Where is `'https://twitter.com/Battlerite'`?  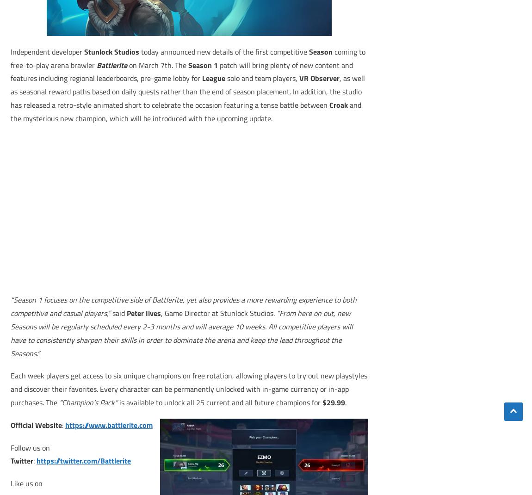 'https://twitter.com/Battlerite' is located at coordinates (83, 460).